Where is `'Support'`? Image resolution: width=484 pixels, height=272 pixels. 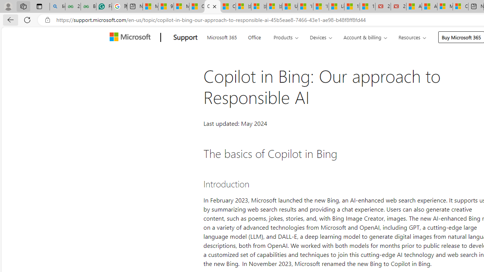 'Support' is located at coordinates (185, 37).